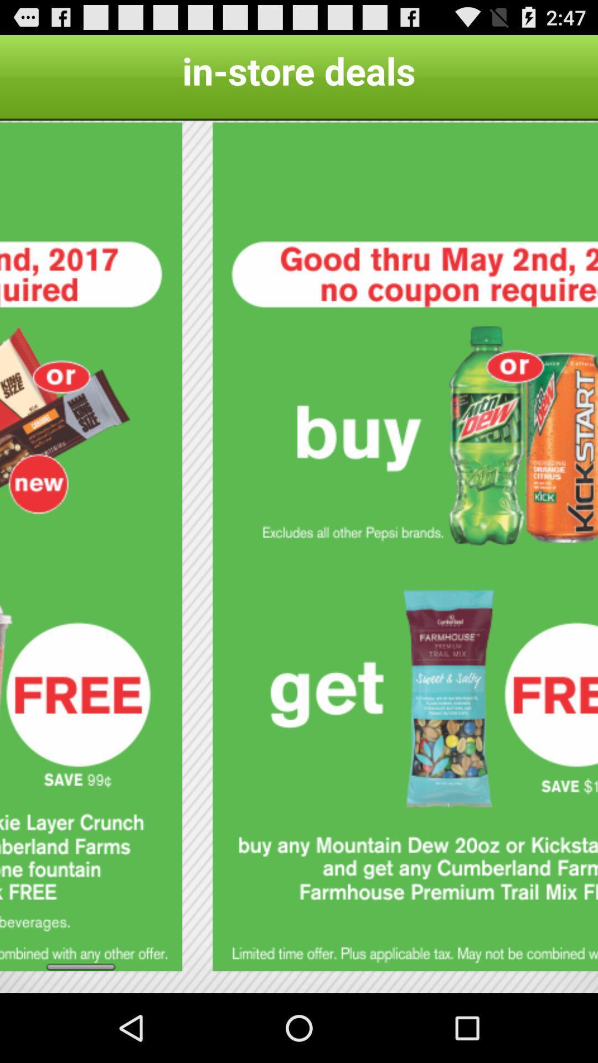  I want to click on scroll to previous, so click(90, 546).